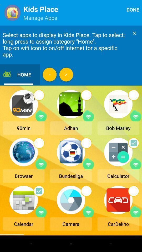 The width and height of the screenshot is (142, 252). Describe the element at coordinates (41, 164) in the screenshot. I see `wifi icon on/off` at that location.